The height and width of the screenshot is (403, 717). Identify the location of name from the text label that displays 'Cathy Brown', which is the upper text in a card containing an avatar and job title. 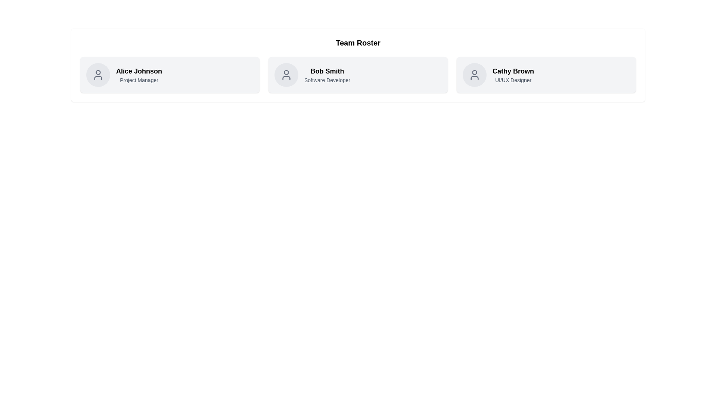
(513, 71).